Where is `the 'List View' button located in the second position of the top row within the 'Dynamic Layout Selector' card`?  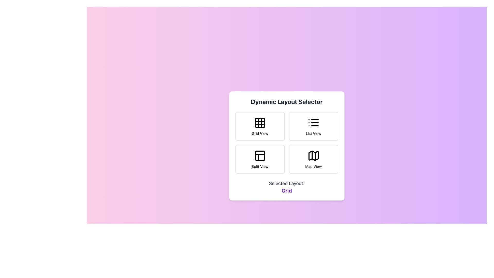
the 'List View' button located in the second position of the top row within the 'Dynamic Layout Selector' card is located at coordinates (313, 126).